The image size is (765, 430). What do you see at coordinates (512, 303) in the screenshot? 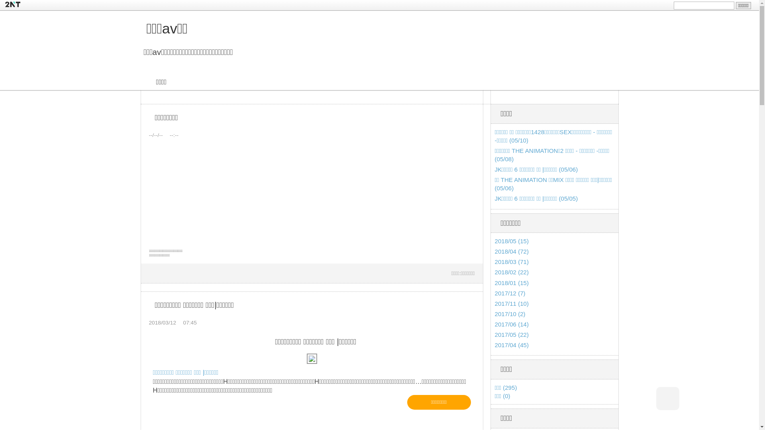
I see `'2017/11 (10)'` at bounding box center [512, 303].